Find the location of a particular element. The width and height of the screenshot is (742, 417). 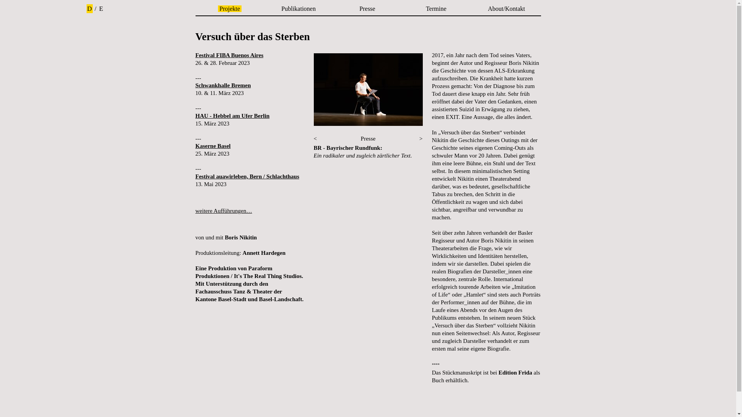

'>' is located at coordinates (420, 138).